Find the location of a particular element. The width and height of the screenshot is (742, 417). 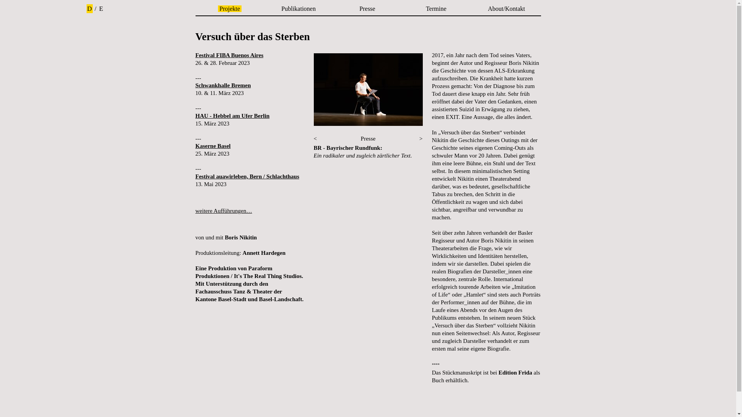

'>' is located at coordinates (420, 138).